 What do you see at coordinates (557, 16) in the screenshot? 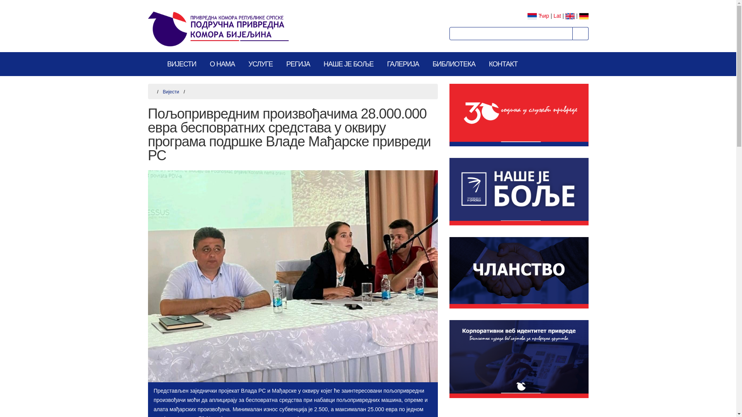
I see `'Lat'` at bounding box center [557, 16].